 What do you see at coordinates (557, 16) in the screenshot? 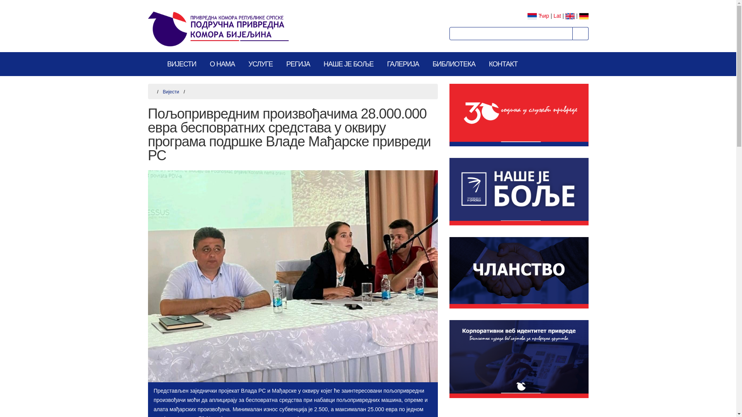
I see `'Lat'` at bounding box center [557, 16].